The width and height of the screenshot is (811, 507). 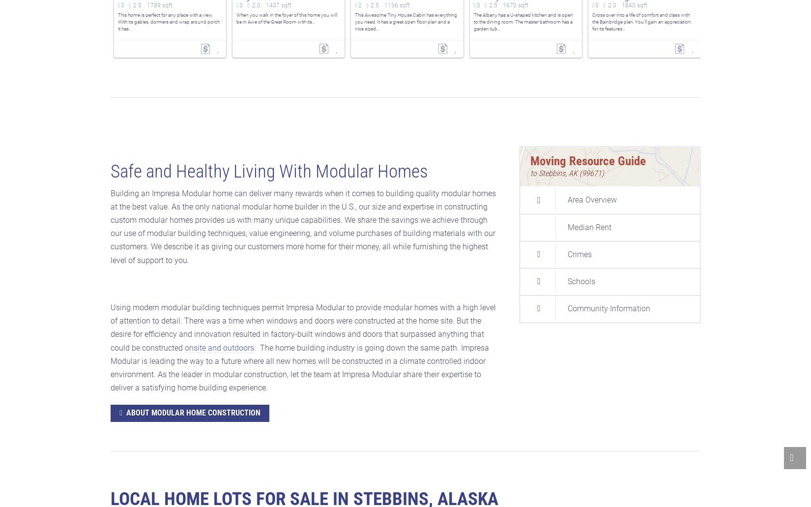 I want to click on 'Building an Impresa Modular home can deliver many rewards when it comes to building quality modular homes at the best value. As the only national modular home builder in the U.S., our size and expertise in constructing custom modular homes provides us with many unique capabilities. We share the savings we achieve through our use of modular building techniques, value engineering, and volume purchases of building materials with our customers. We describe it as giving our customers more home for their money, all while furnishing the highest level of support to you.', so click(x=111, y=226).